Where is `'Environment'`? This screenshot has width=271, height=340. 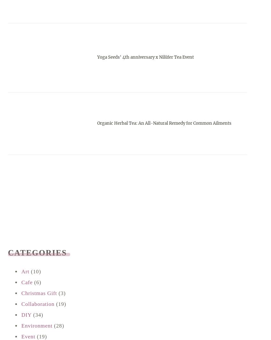
'Environment' is located at coordinates (36, 326).